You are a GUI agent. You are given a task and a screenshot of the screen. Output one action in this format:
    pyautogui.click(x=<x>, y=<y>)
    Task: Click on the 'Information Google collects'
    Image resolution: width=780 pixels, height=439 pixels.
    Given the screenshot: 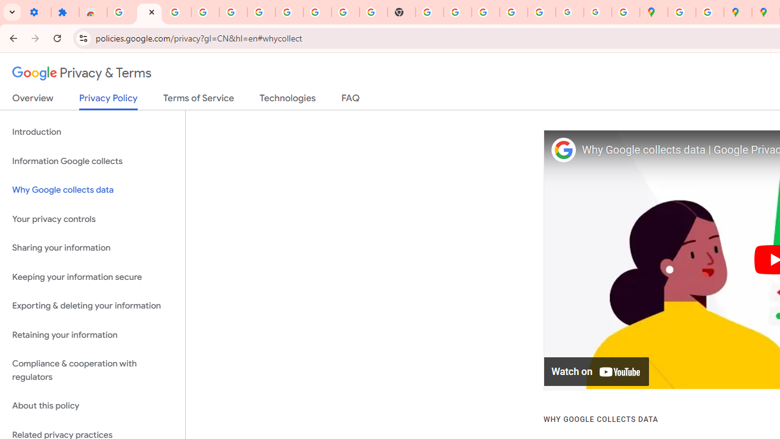 What is the action you would take?
    pyautogui.click(x=92, y=160)
    